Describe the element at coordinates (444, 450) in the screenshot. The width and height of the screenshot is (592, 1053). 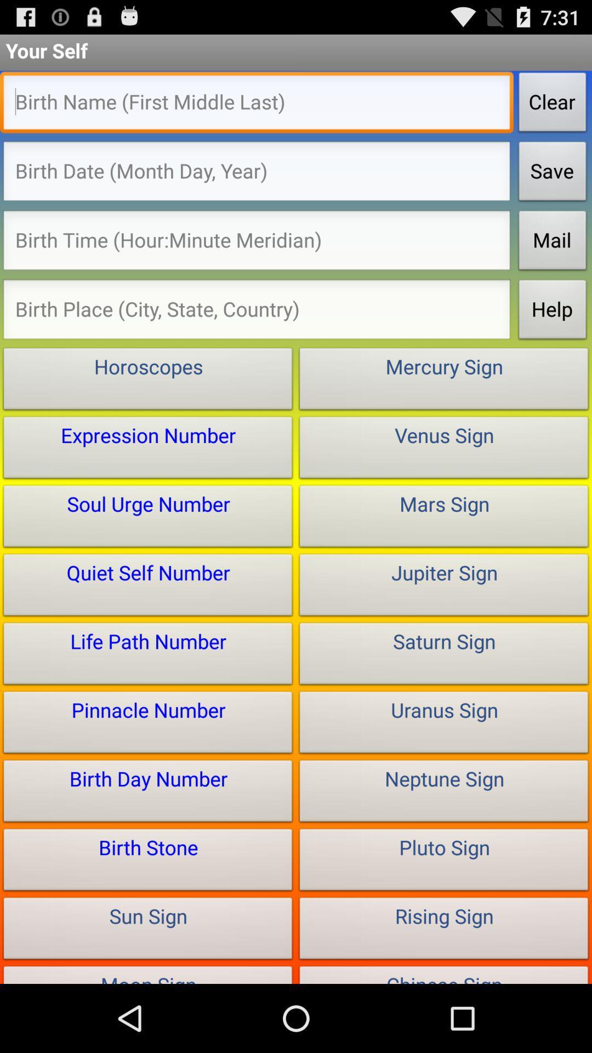
I see `the button below the mercury sign button on the web page` at that location.